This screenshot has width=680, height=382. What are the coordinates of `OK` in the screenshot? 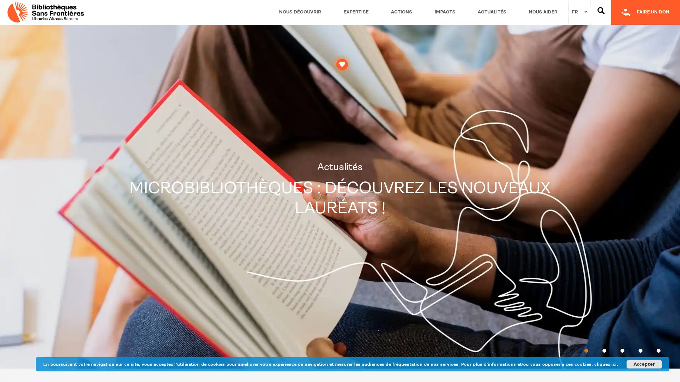 It's located at (595, 37).